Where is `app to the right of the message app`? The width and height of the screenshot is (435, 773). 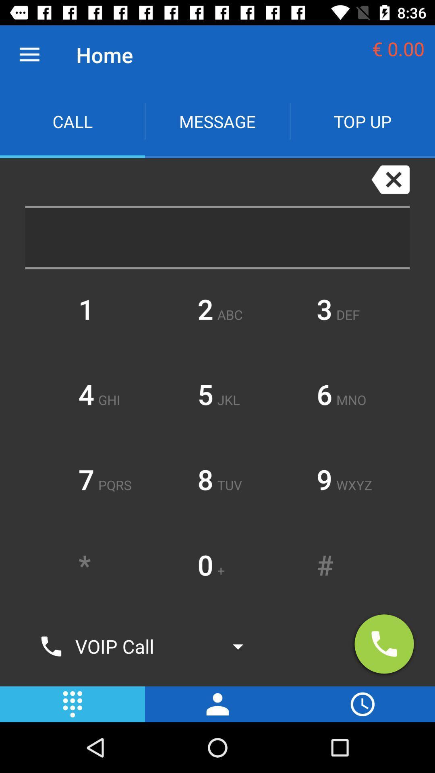 app to the right of the message app is located at coordinates (362, 121).